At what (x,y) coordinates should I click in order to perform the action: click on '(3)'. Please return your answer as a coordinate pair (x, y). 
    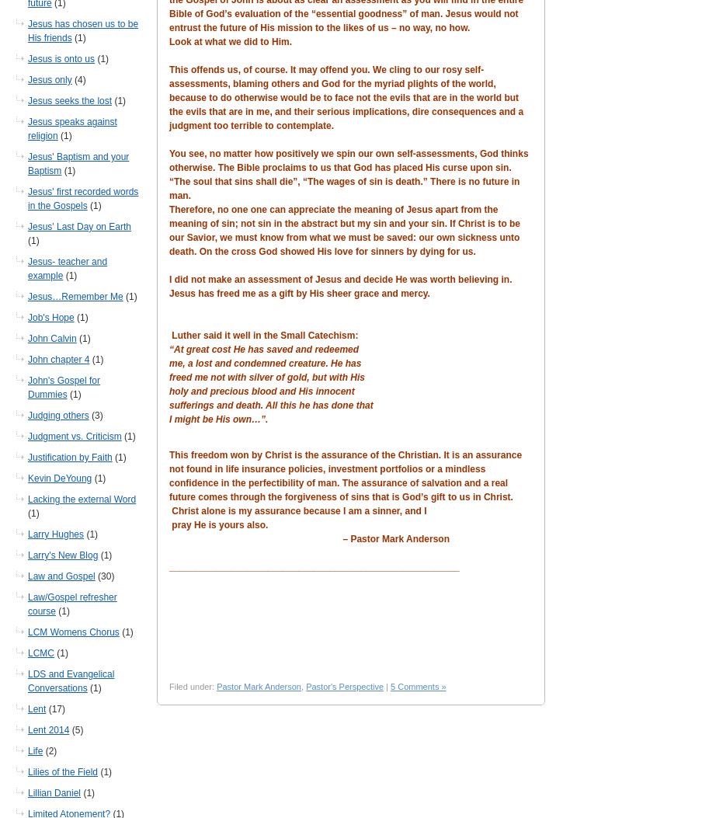
    Looking at the image, I should click on (95, 415).